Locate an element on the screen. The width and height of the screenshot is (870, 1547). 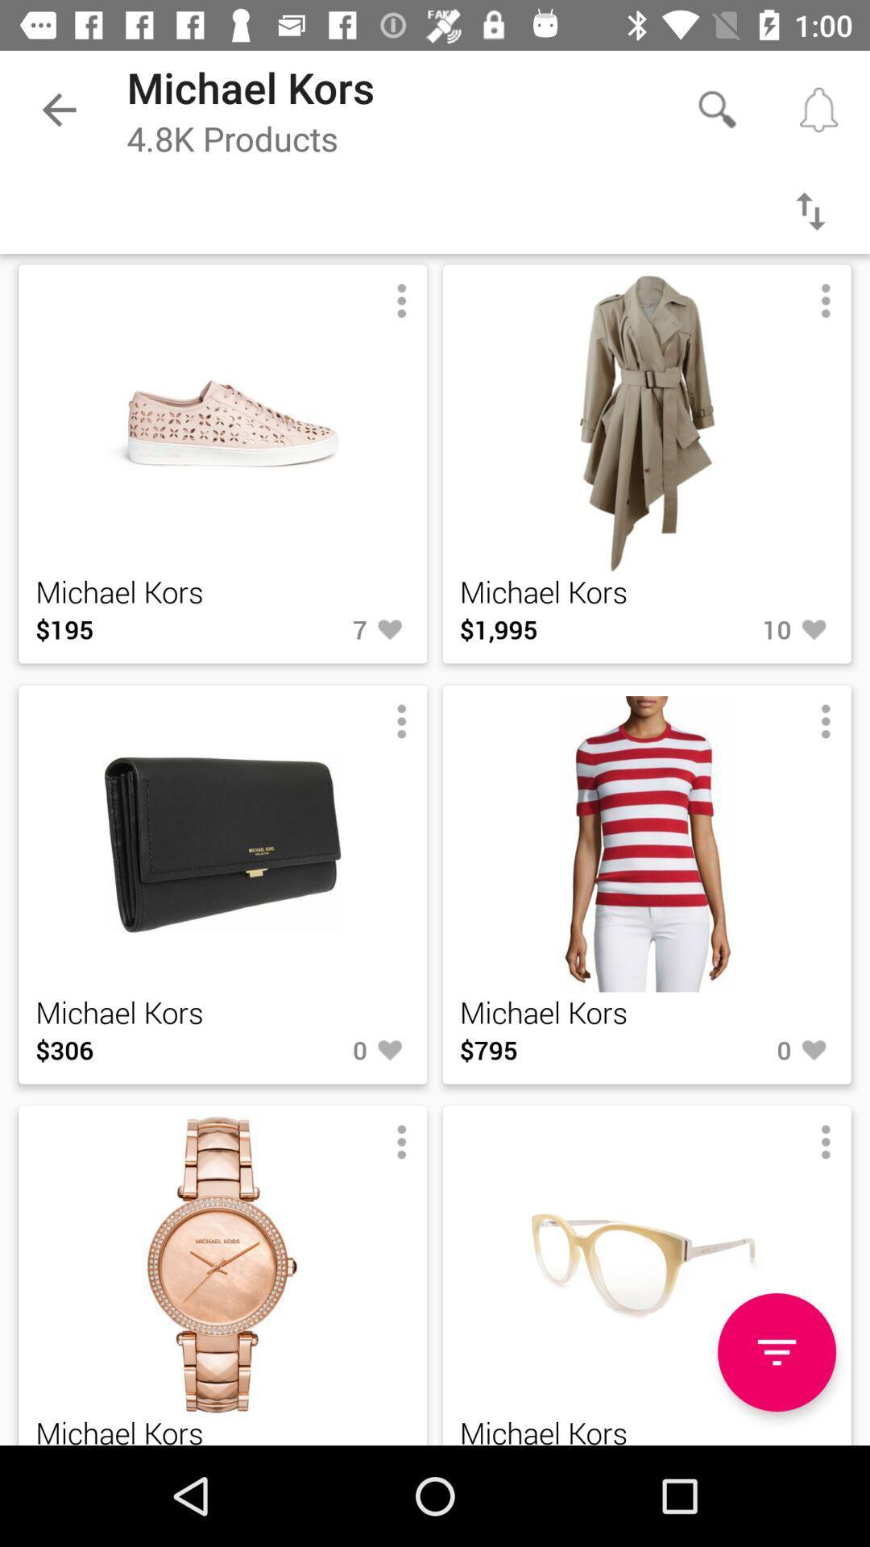
the icon next to the michael kors icon is located at coordinates (776, 1352).